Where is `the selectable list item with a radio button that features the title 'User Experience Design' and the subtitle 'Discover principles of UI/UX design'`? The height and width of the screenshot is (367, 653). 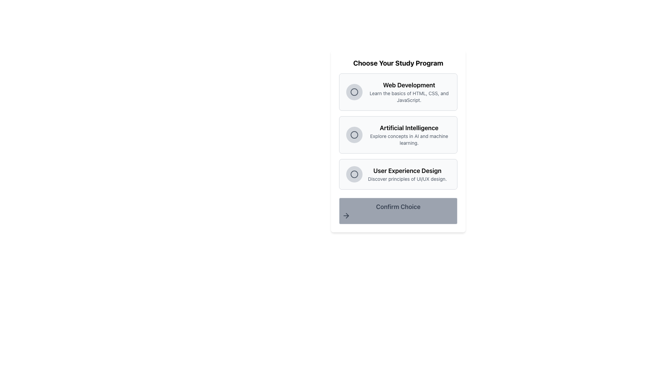 the selectable list item with a radio button that features the title 'User Experience Design' and the subtitle 'Discover principles of UI/UX design' is located at coordinates (398, 174).